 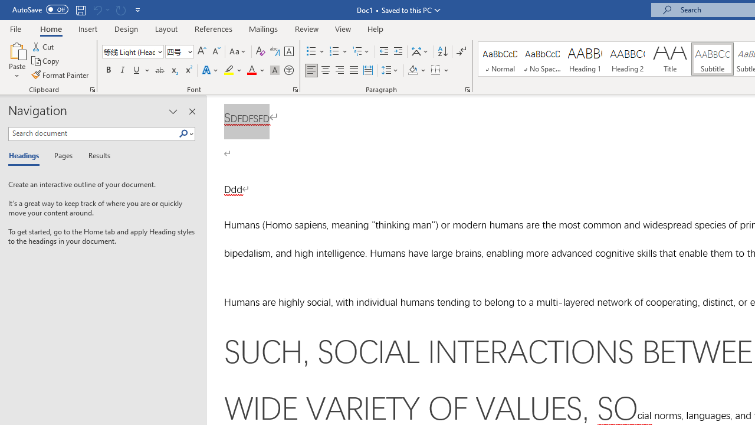 I want to click on 'Line and Paragraph Spacing', so click(x=390, y=70).